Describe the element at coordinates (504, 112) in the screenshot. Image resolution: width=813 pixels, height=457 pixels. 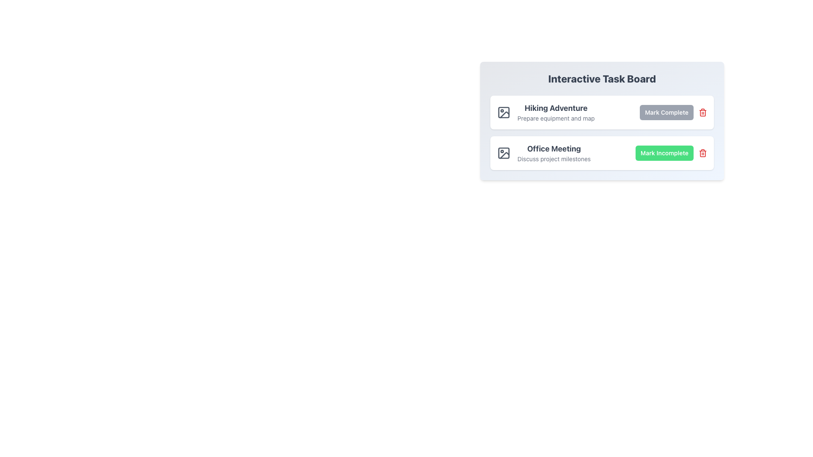
I see `the gray rectangular SVG element that is part of the icon for the 'Hiking Adventure' task entry, located near the top-left corner of the icon` at that location.